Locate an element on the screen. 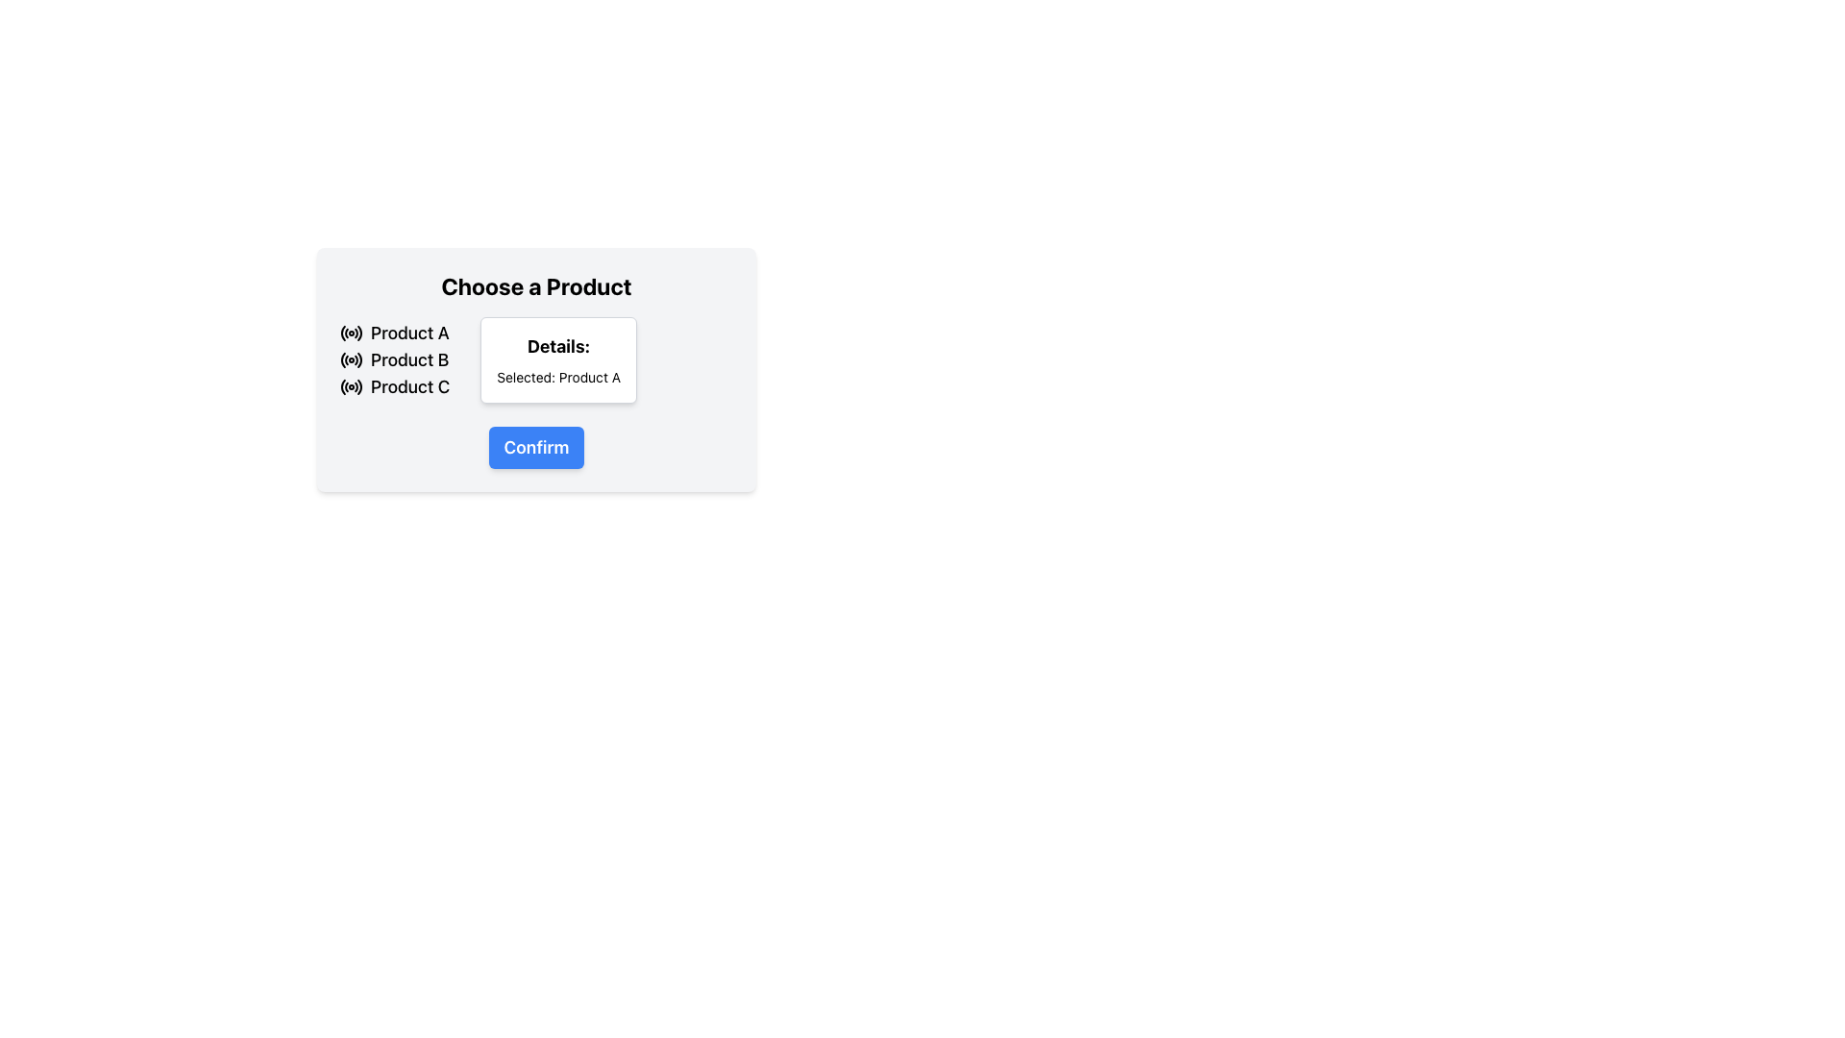 Image resolution: width=1845 pixels, height=1038 pixels. the selectable list item labeled 'Product B' which is the second item in the 'Choose a Product' section is located at coordinates (393, 359).